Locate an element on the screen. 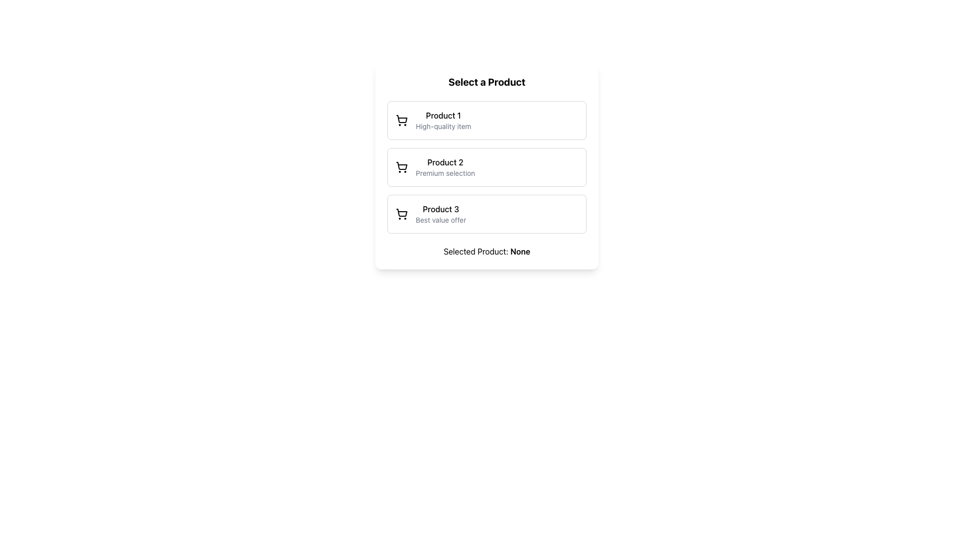 The width and height of the screenshot is (956, 538). text of the 'Product 3' label, which is a medium font weight text label located in the third row of product options, positioned above 'Best value offer' and to the right of a shopping cart icon is located at coordinates (440, 209).